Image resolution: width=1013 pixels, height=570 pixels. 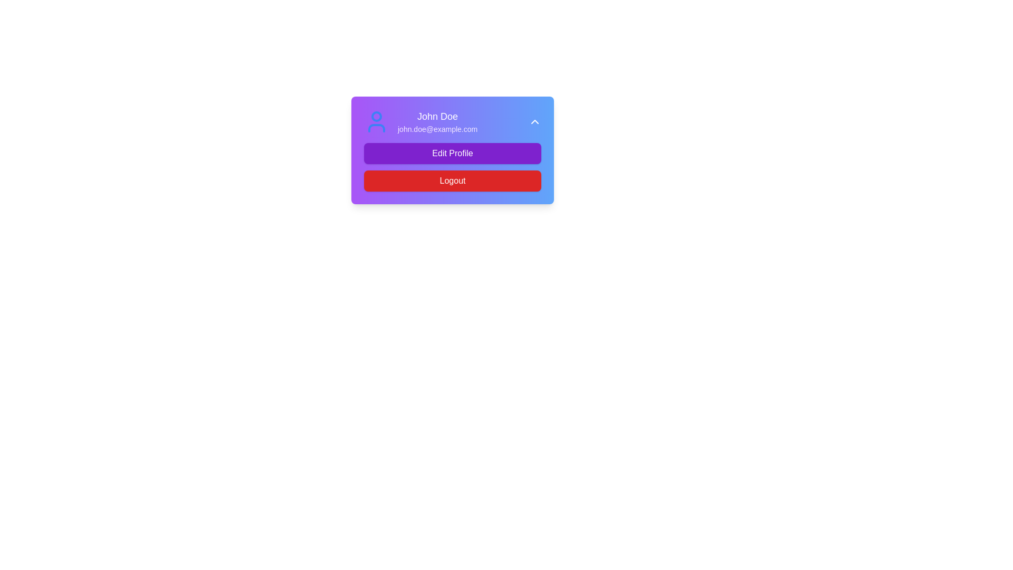 I want to click on email address displayed below the name 'John Doe' in the user profile card, so click(x=437, y=129).